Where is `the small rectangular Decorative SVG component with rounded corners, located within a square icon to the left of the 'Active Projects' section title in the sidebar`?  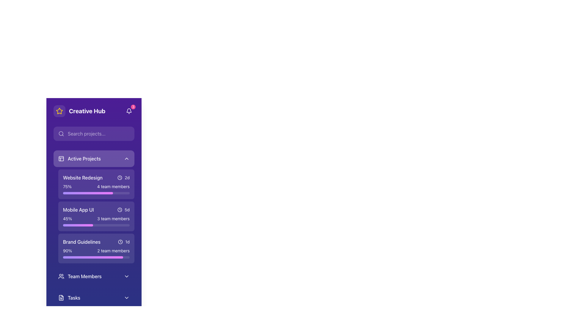 the small rectangular Decorative SVG component with rounded corners, located within a square icon to the left of the 'Active Projects' section title in the sidebar is located at coordinates (61, 158).